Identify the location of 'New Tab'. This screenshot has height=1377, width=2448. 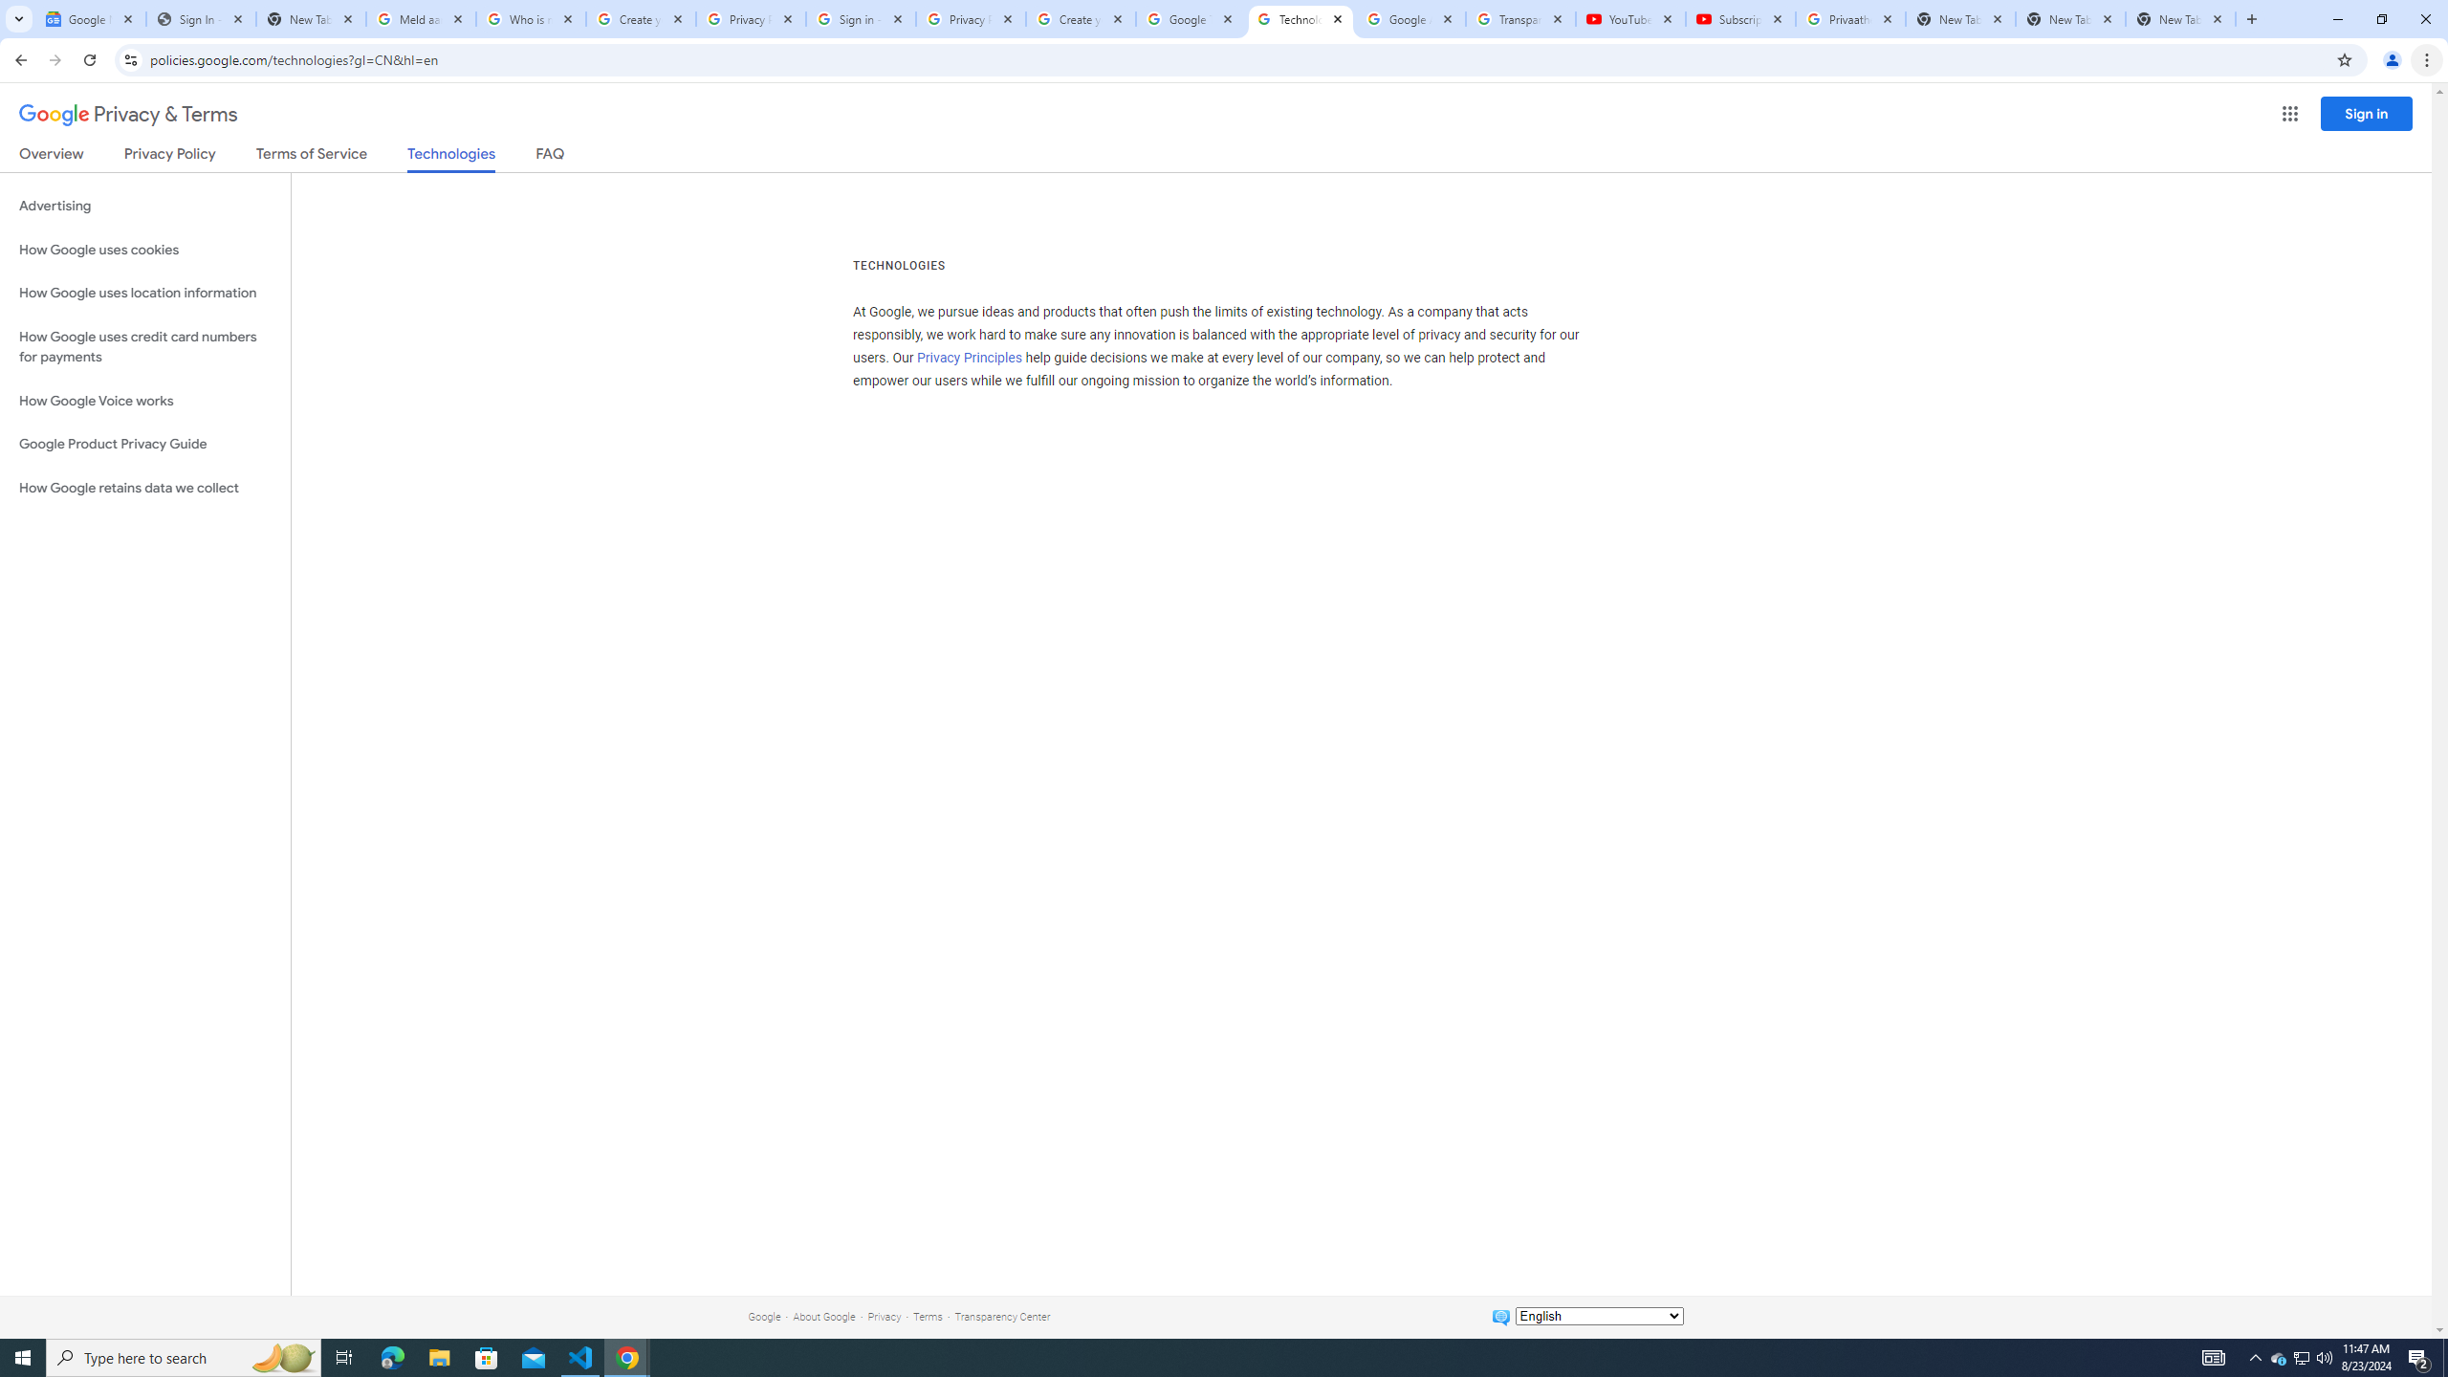
(2179, 18).